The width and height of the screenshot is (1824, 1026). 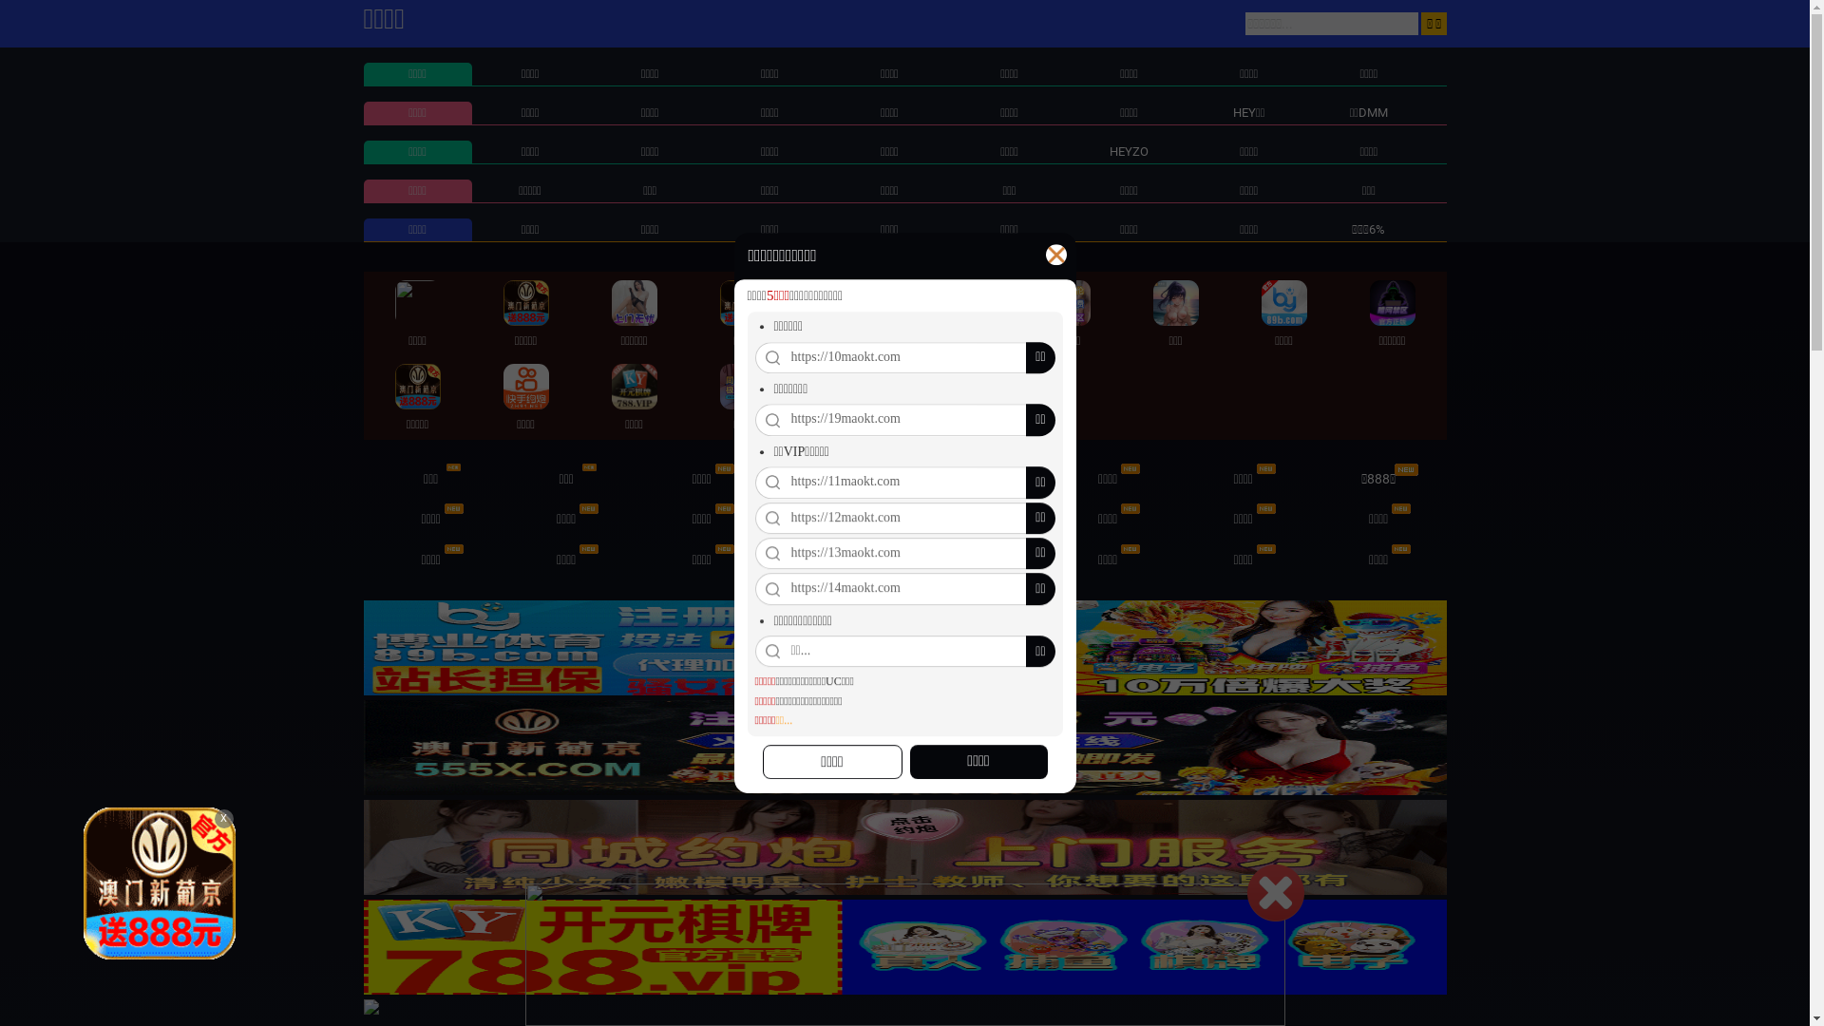 I want to click on 'HEYZO', so click(x=1129, y=150).